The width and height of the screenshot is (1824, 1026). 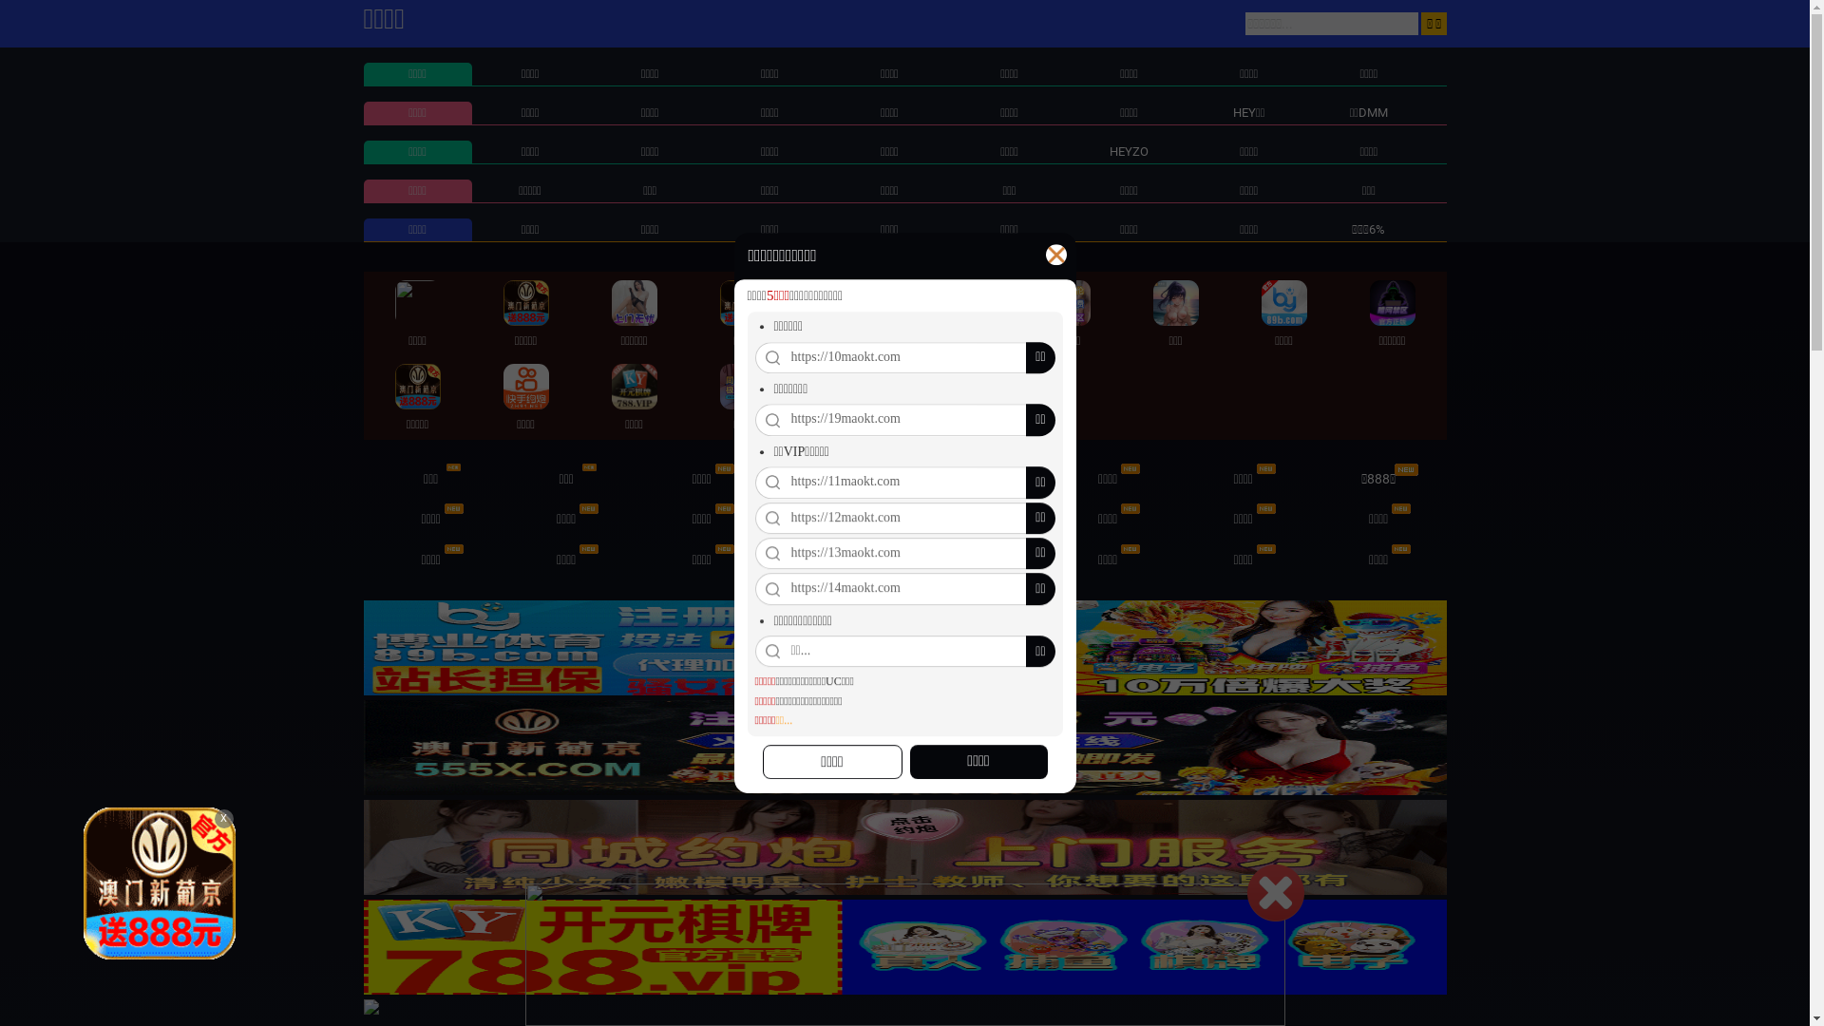 I want to click on 'HEYZO', so click(x=1129, y=150).